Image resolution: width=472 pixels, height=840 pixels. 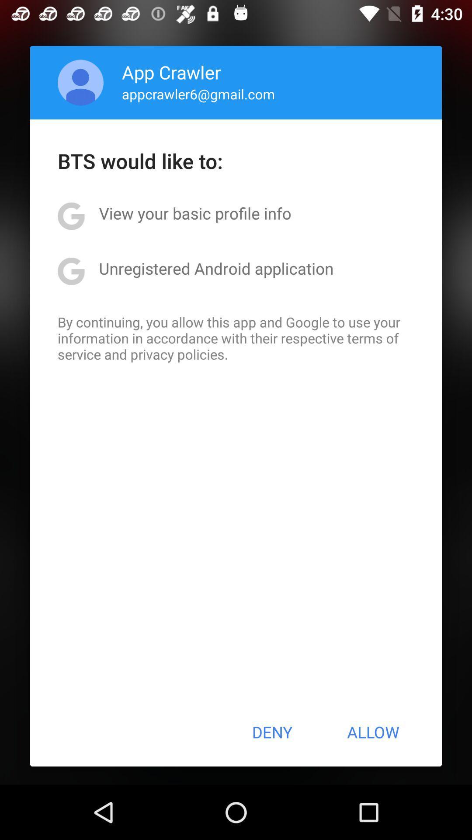 What do you see at coordinates (198, 94) in the screenshot?
I see `appcrawler6@gmail.com item` at bounding box center [198, 94].